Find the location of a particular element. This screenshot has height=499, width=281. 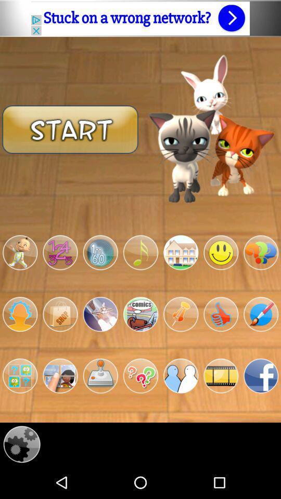

a category is located at coordinates (140, 252).